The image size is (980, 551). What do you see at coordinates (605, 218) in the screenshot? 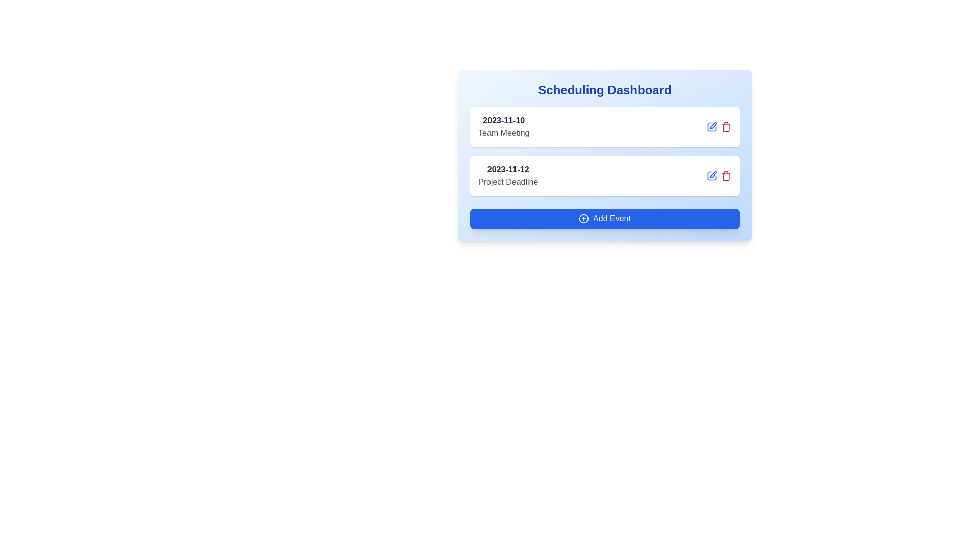
I see `the 'Add New Event' button located at the bottom of the 'Scheduling Dashboard' card, which is positioned beneath the event tiles for '2023-11-10 Team Meeting' and '2023-11-12 Project Deadline'` at bounding box center [605, 218].